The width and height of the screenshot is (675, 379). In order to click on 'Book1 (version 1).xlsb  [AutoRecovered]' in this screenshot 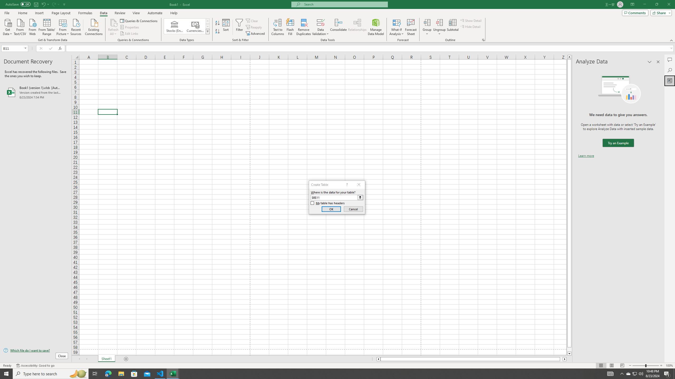, I will do `click(35, 92)`.